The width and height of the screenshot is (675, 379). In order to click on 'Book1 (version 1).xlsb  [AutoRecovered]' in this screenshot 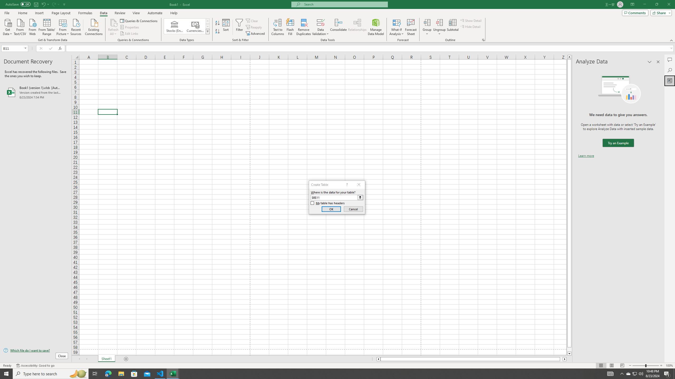, I will do `click(35, 92)`.